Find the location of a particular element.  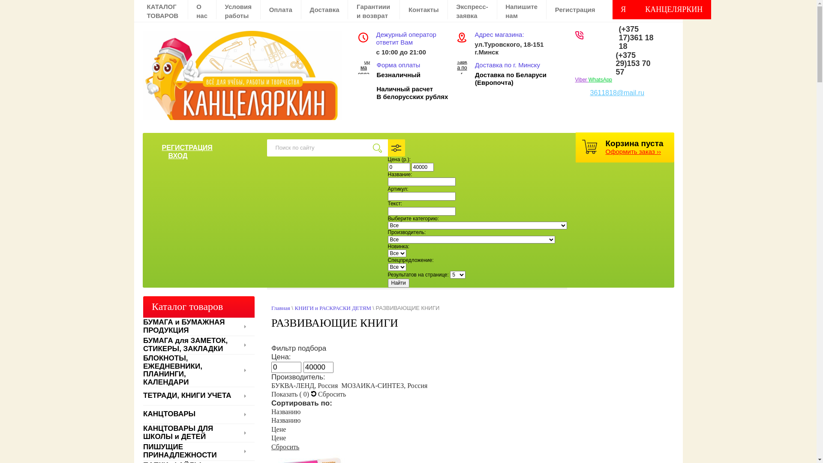

'(+375 29)153 70 57' is located at coordinates (615, 63).